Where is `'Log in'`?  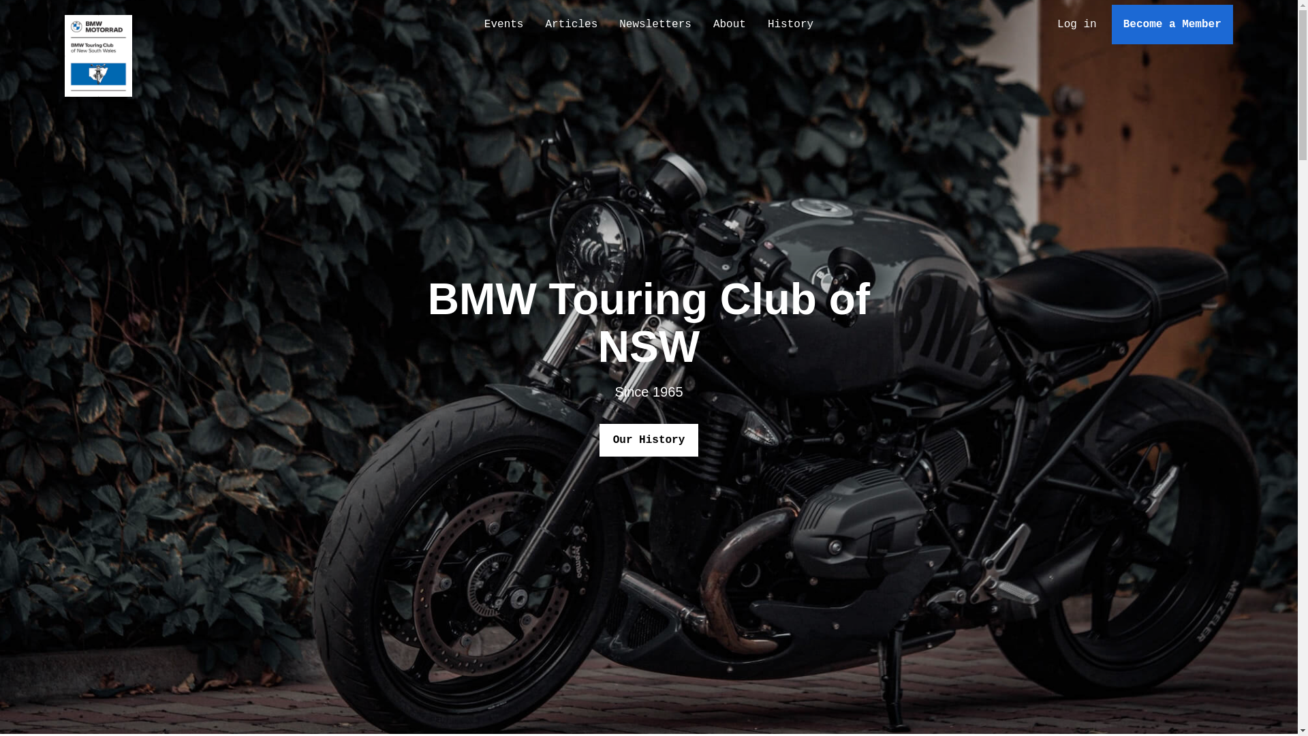 'Log in' is located at coordinates (1076, 24).